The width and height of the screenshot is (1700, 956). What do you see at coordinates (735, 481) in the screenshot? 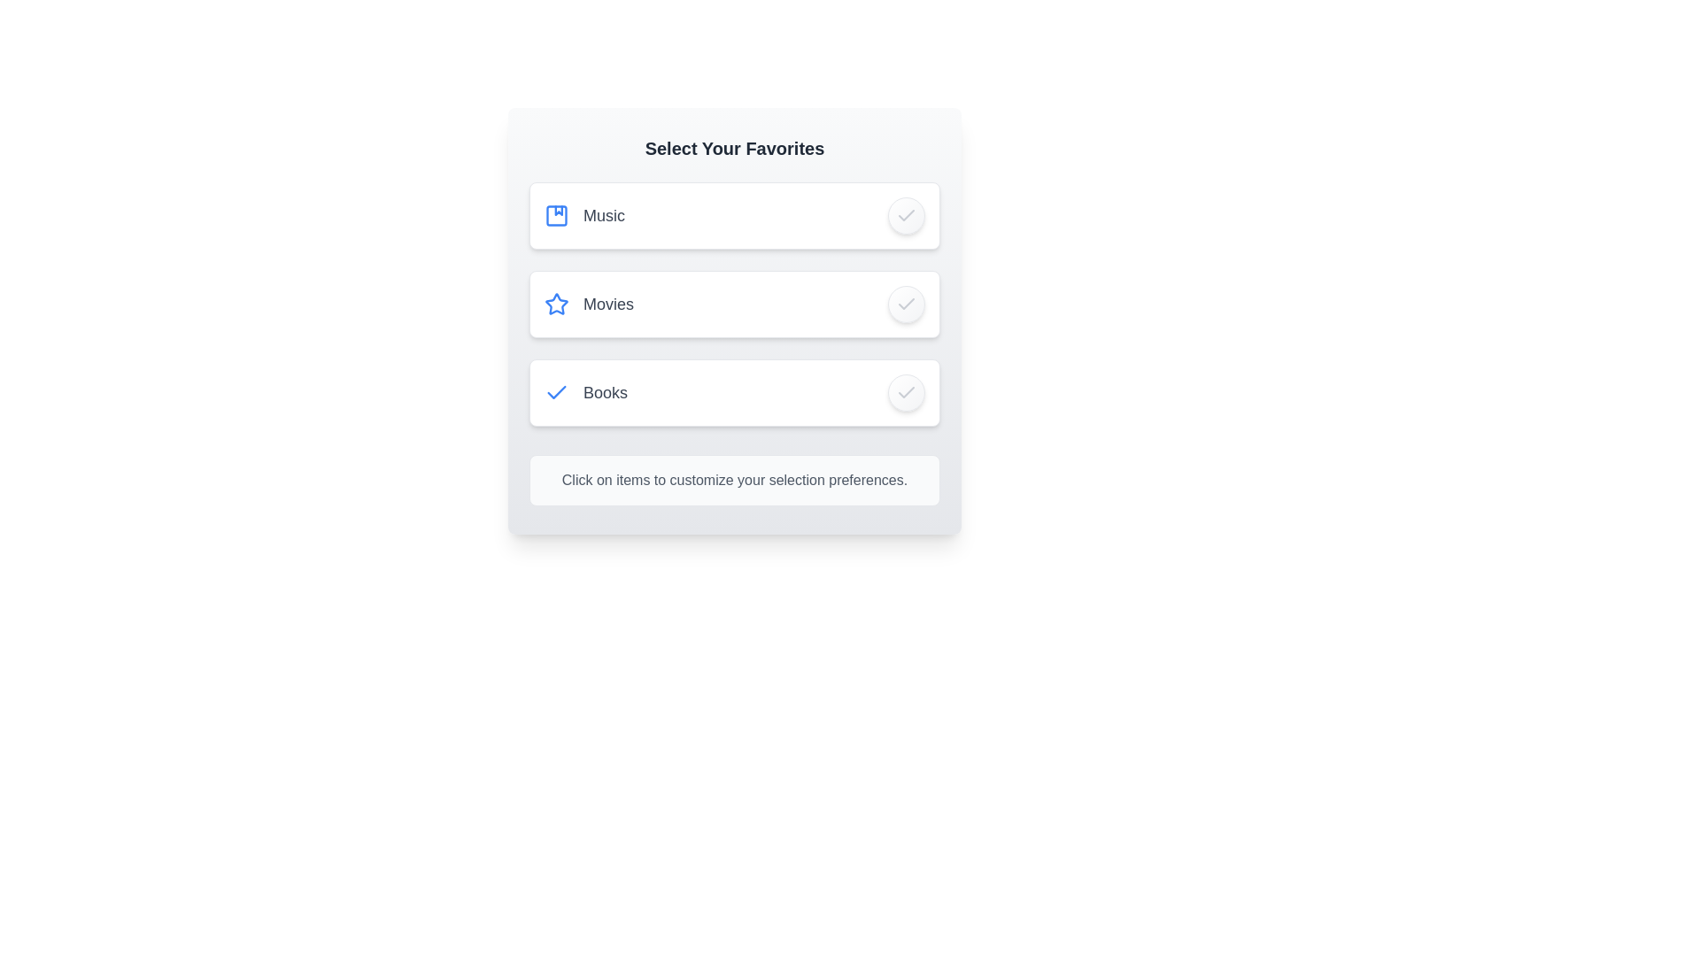
I see `instruction displayed on the text label that says 'Click on items to customize your selection preferences.' positioned at the bottom of the selection options box` at bounding box center [735, 481].